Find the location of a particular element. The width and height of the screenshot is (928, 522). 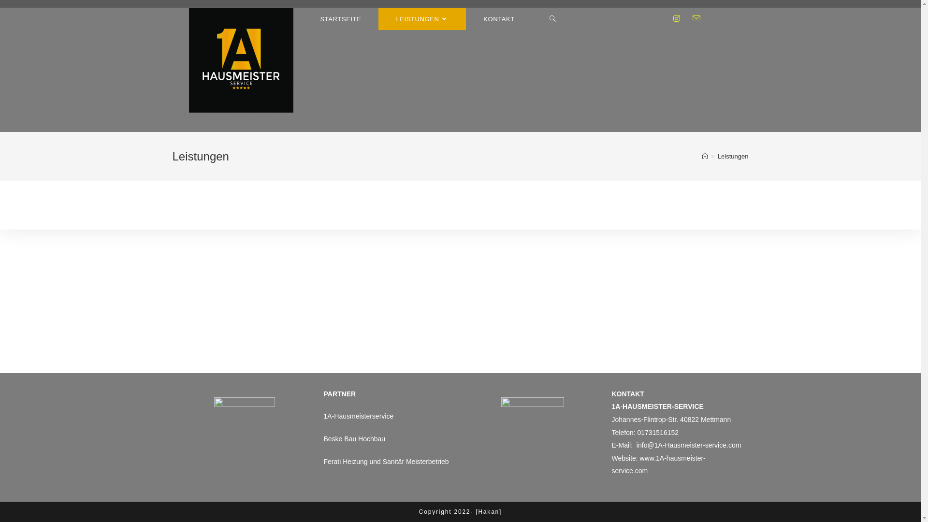

'Leistungen' is located at coordinates (733, 156).